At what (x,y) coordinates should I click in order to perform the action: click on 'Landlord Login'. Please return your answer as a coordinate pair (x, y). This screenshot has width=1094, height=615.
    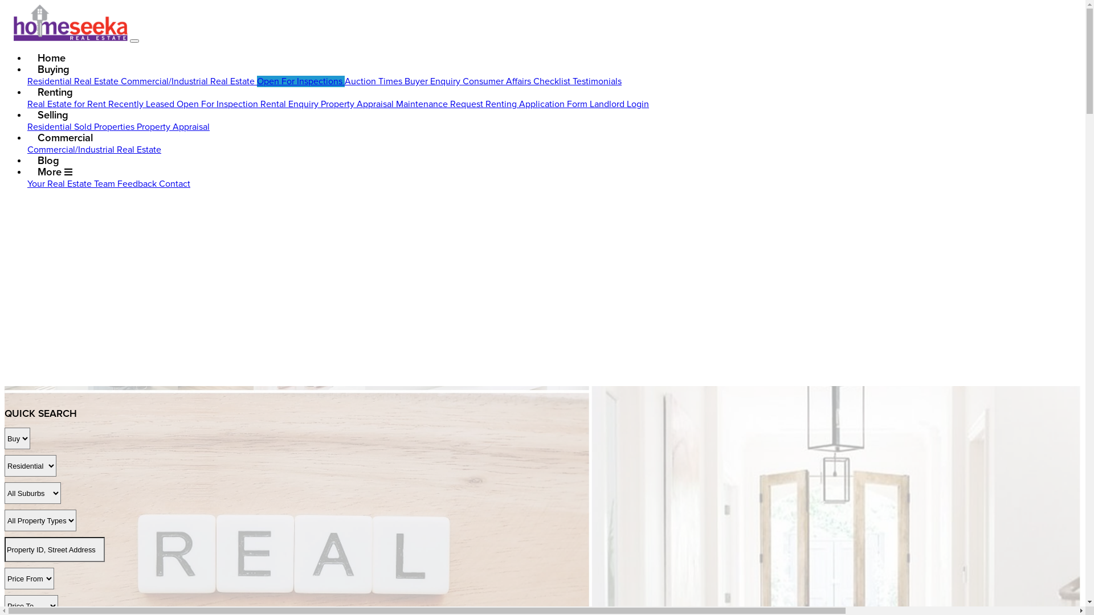
    Looking at the image, I should click on (618, 104).